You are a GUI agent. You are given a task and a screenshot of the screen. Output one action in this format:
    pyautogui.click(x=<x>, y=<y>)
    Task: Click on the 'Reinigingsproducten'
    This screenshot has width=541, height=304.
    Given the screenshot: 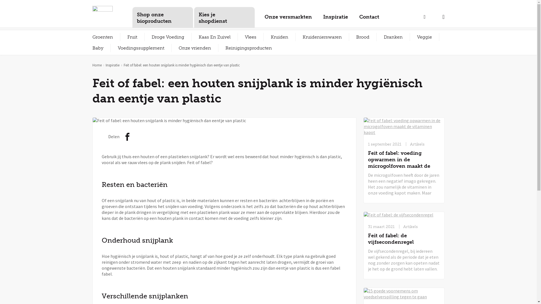 What is the action you would take?
    pyautogui.click(x=218, y=48)
    